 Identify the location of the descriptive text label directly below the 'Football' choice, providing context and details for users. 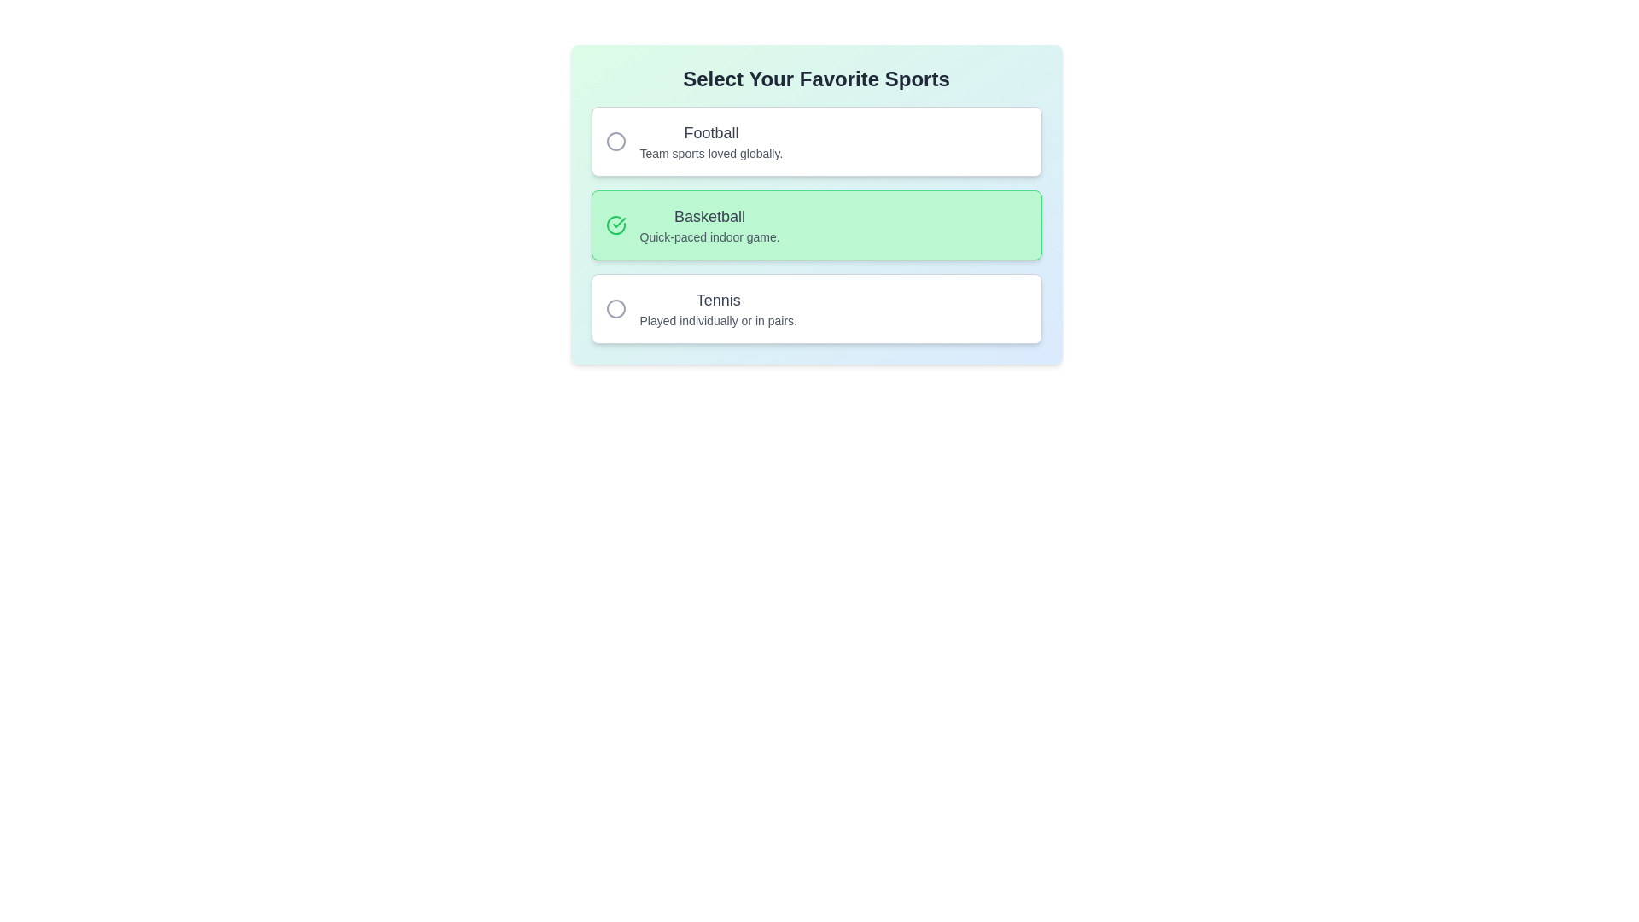
(711, 154).